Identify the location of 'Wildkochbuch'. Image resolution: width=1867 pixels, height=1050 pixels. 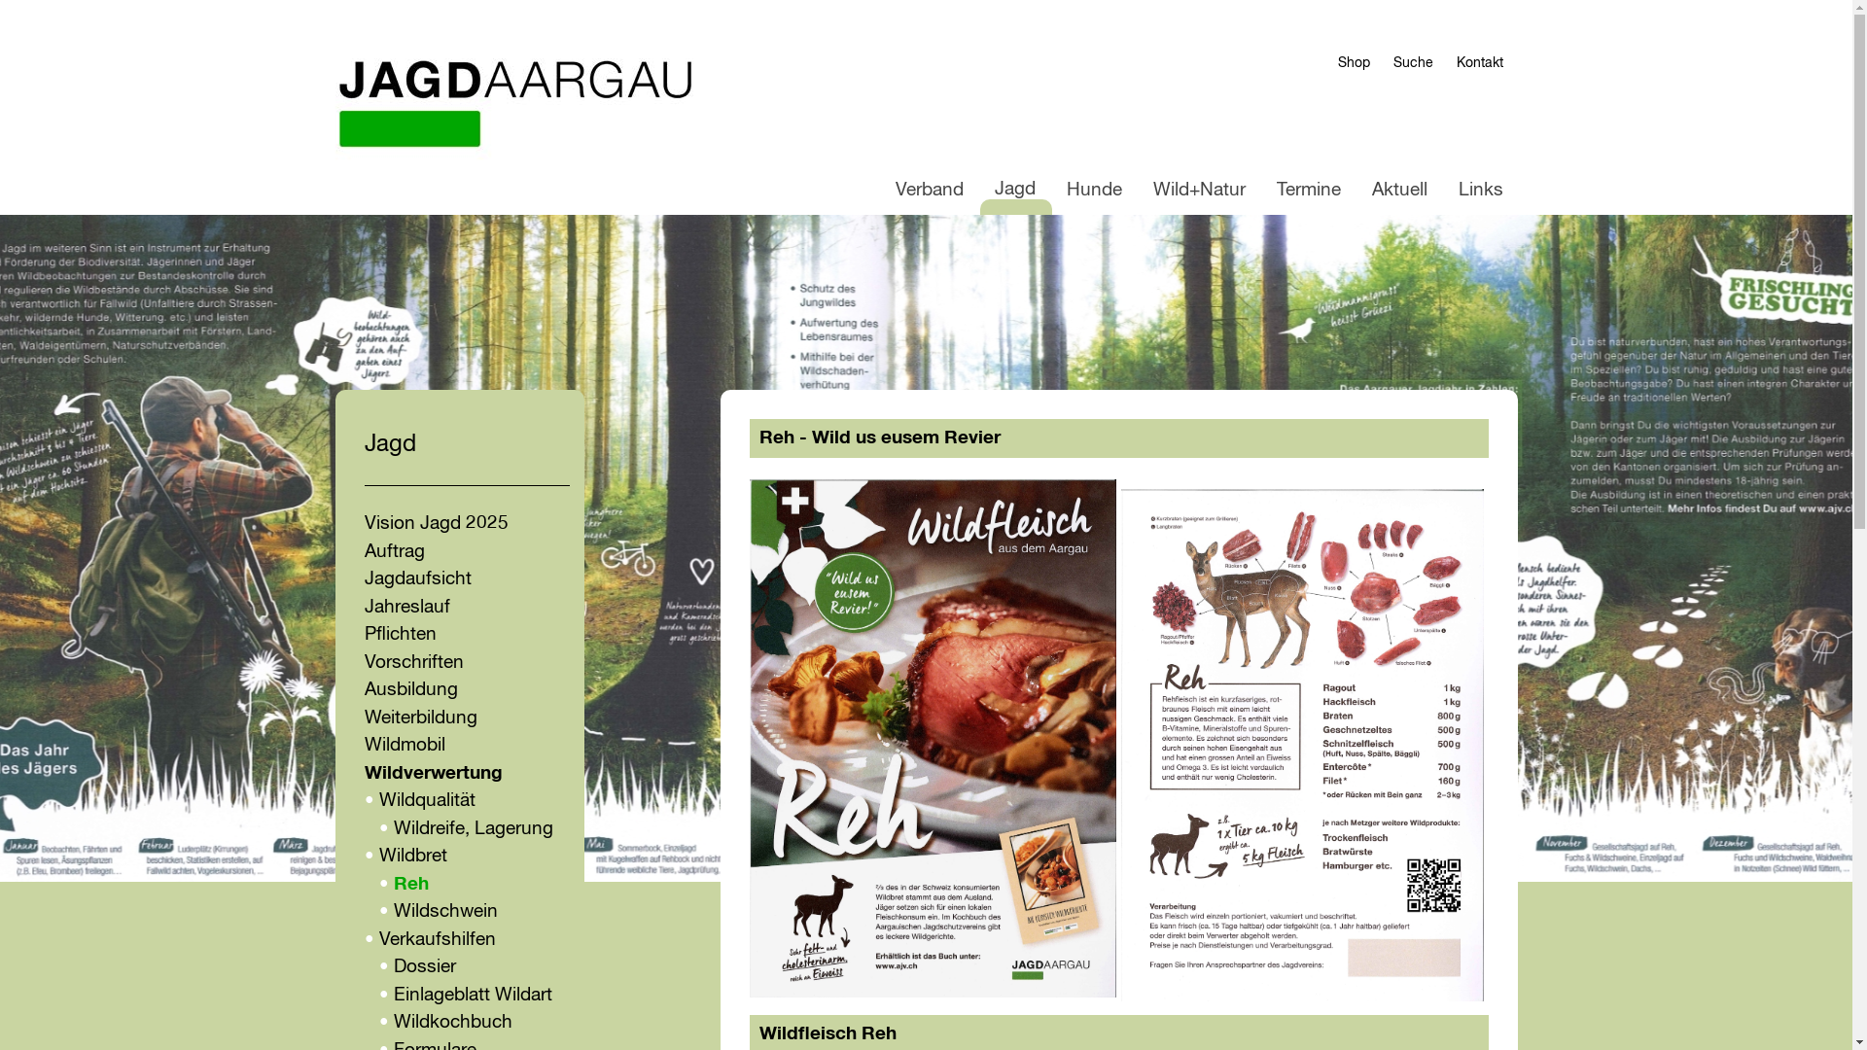
(391, 1021).